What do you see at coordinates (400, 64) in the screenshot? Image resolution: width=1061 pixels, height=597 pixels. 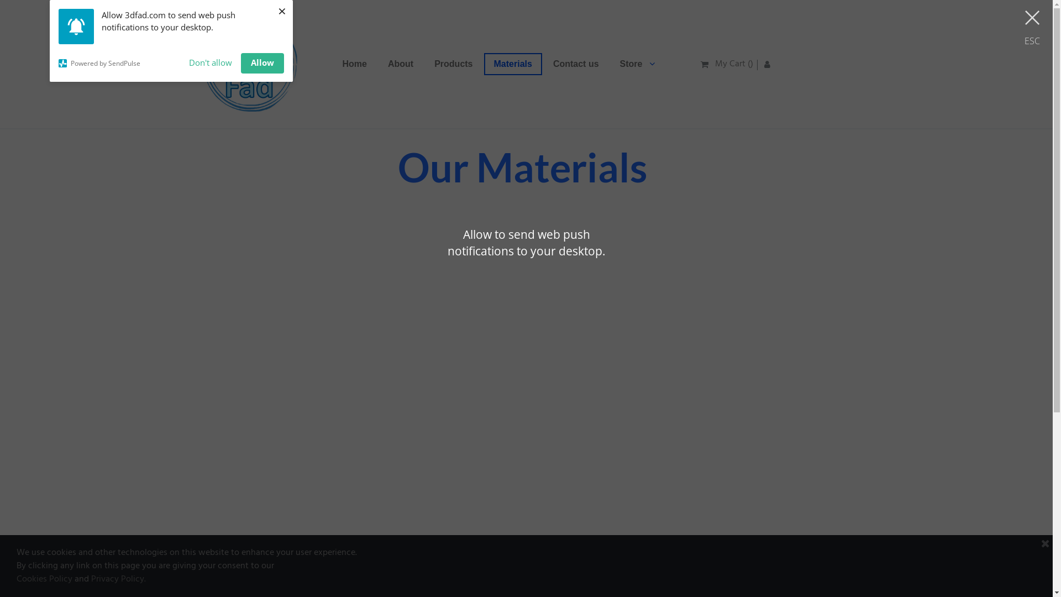 I see `'About'` at bounding box center [400, 64].